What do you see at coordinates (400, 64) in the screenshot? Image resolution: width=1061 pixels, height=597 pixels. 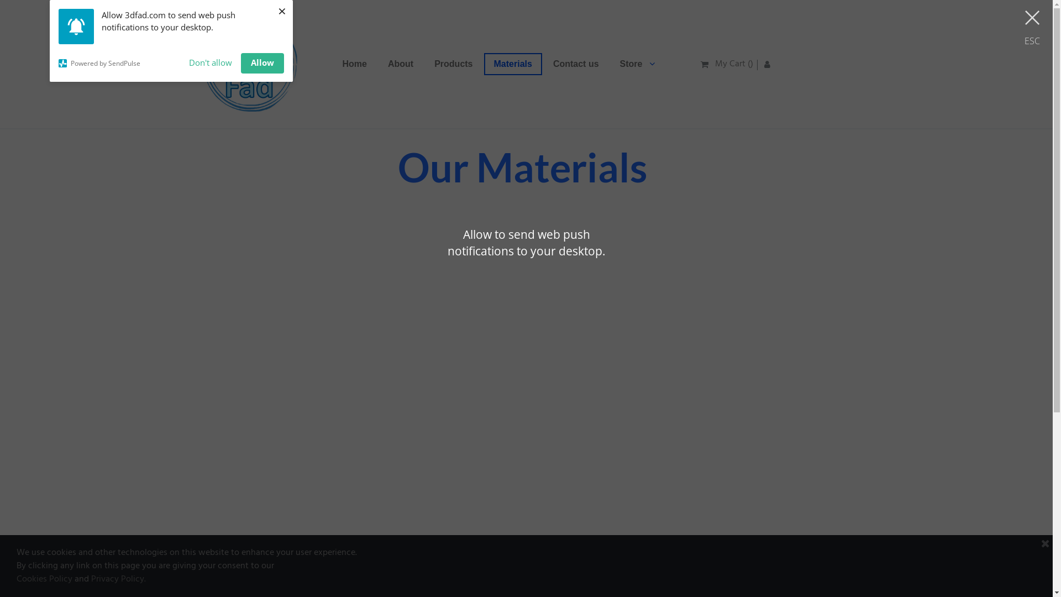 I see `'About'` at bounding box center [400, 64].